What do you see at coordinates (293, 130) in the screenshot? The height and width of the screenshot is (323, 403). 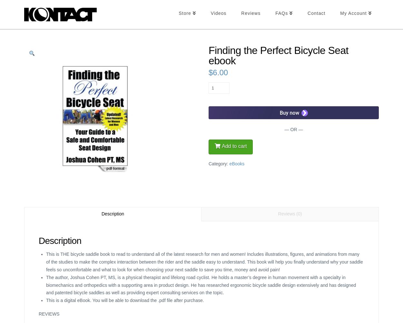 I see `'— OR —'` at bounding box center [293, 130].